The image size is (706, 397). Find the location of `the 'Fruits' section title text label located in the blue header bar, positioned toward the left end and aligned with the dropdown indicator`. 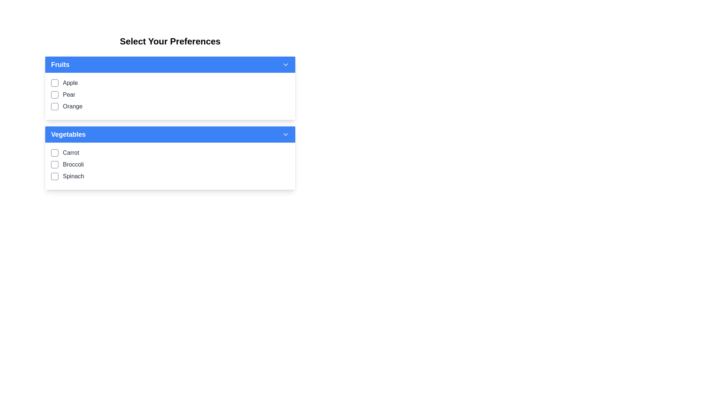

the 'Fruits' section title text label located in the blue header bar, positioned toward the left end and aligned with the dropdown indicator is located at coordinates (60, 64).